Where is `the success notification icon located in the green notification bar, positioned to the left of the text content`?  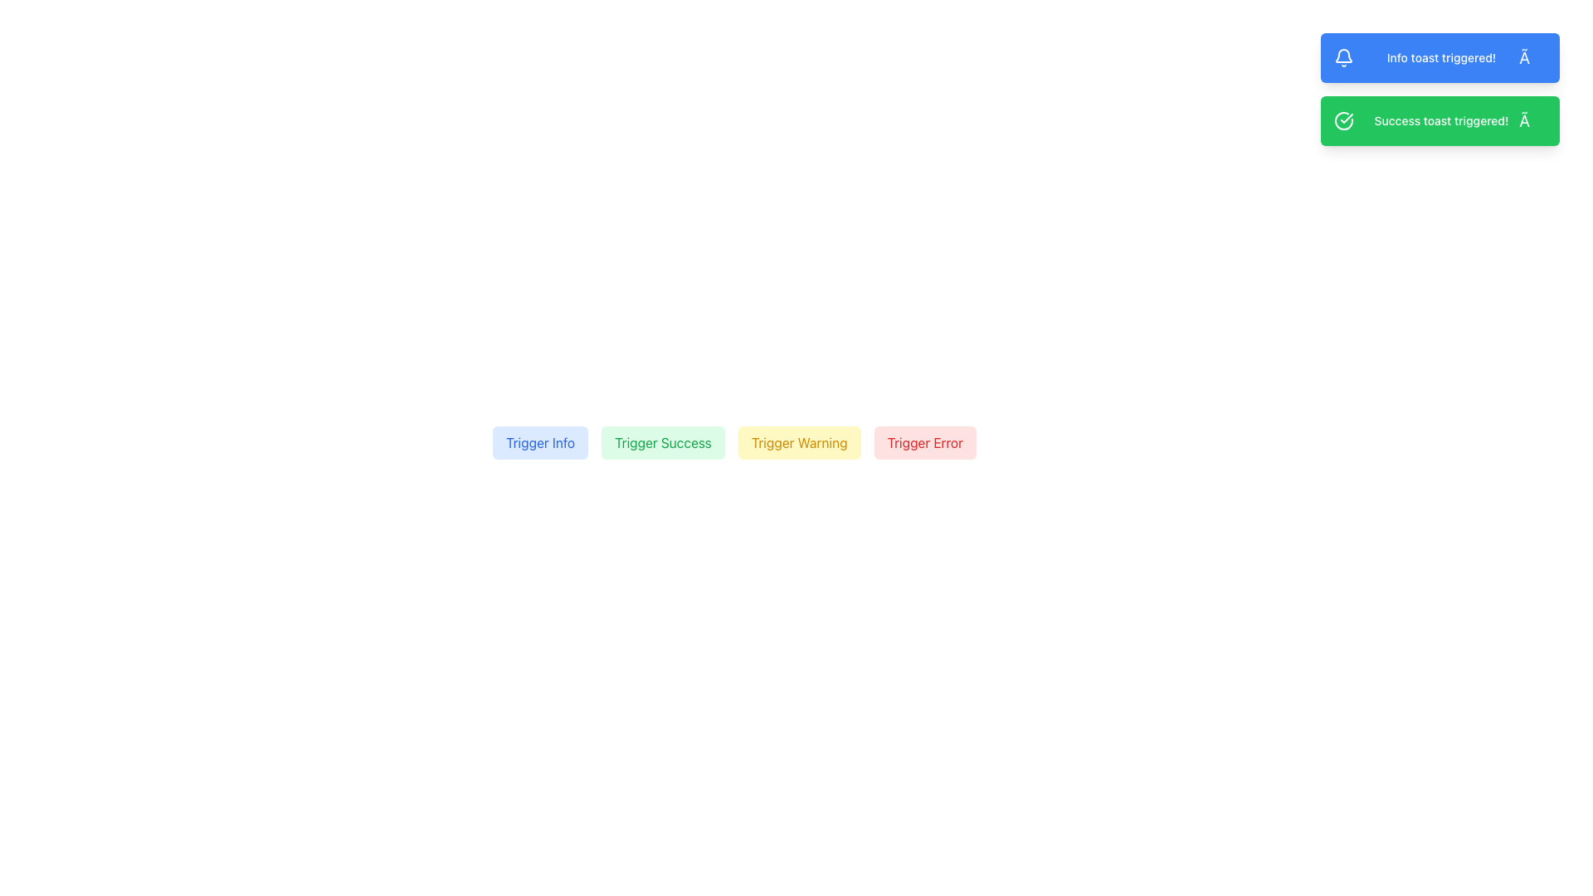
the success notification icon located in the green notification bar, positioned to the left of the text content is located at coordinates (1347, 117).